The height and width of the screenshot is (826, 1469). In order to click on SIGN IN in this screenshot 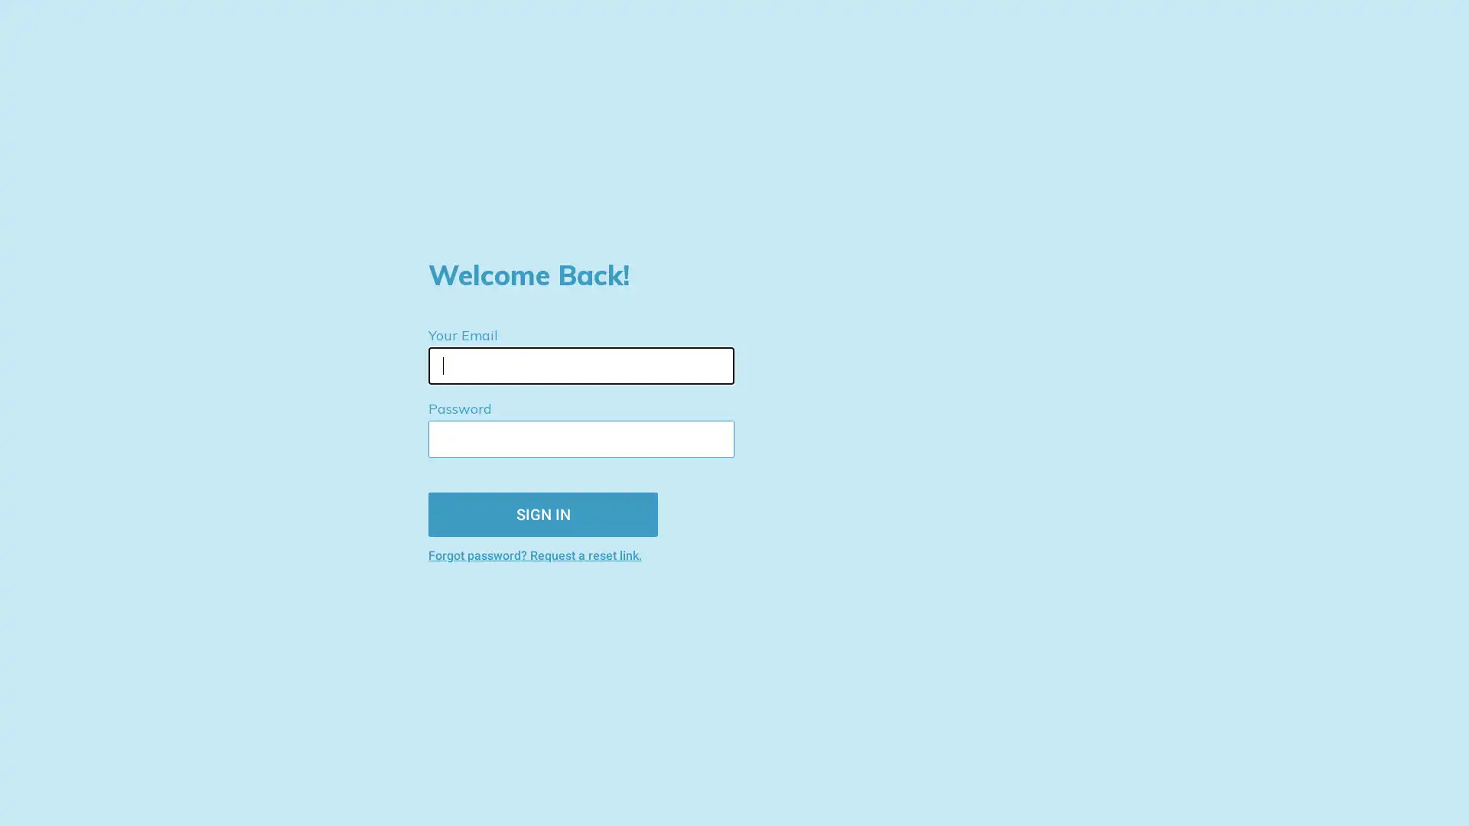, I will do `click(543, 513)`.